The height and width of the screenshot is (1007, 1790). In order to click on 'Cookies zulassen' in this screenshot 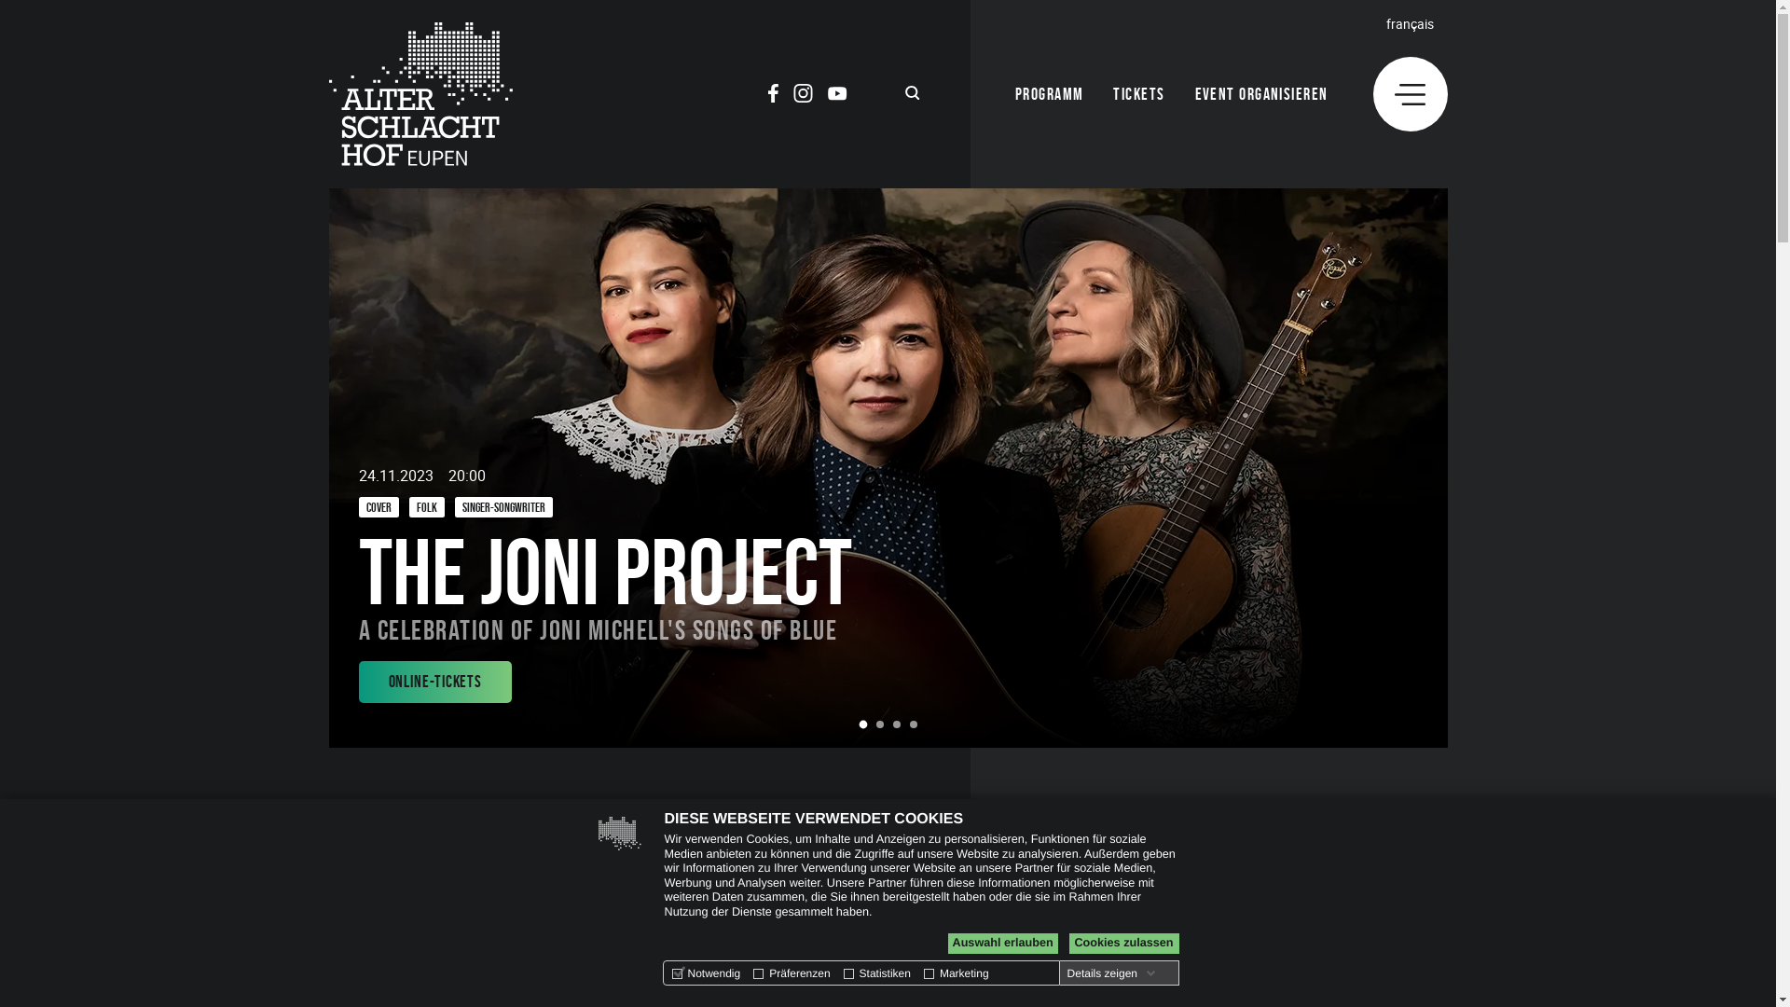, I will do `click(1122, 943)`.